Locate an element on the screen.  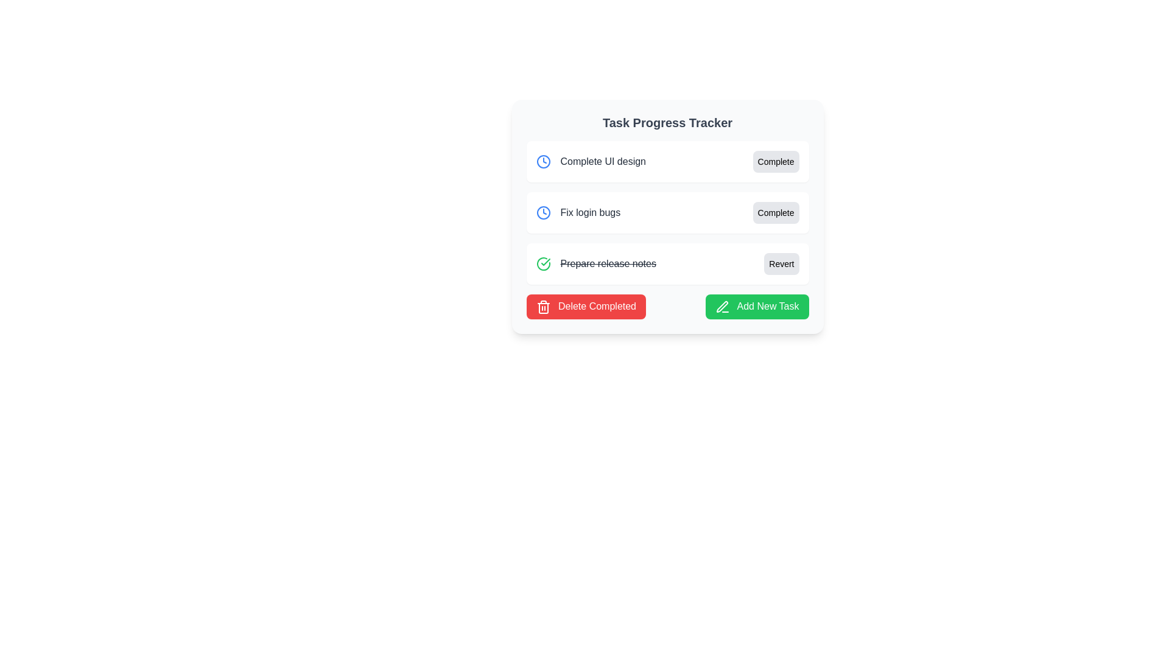
the white circular status indicator icon with a green stroke, located to the left of the 'Prepare release notes' text in the third task card is located at coordinates (542, 263).